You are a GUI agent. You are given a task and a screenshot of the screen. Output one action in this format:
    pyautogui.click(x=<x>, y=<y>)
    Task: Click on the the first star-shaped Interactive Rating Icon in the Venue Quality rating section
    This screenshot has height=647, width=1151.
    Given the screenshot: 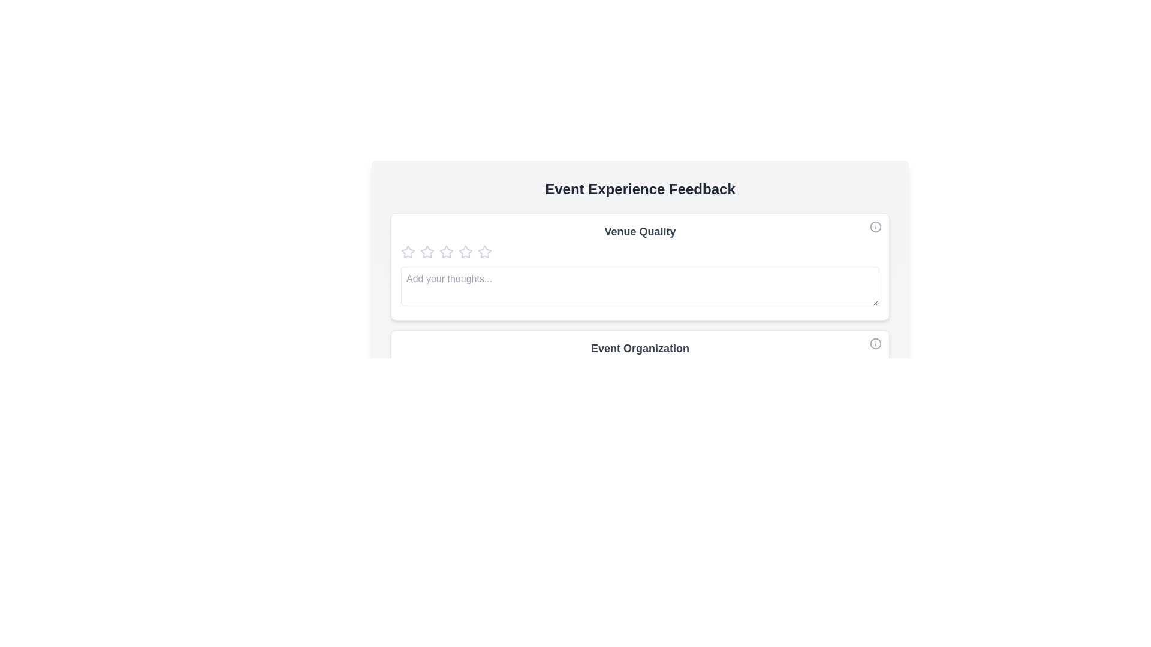 What is the action you would take?
    pyautogui.click(x=408, y=251)
    